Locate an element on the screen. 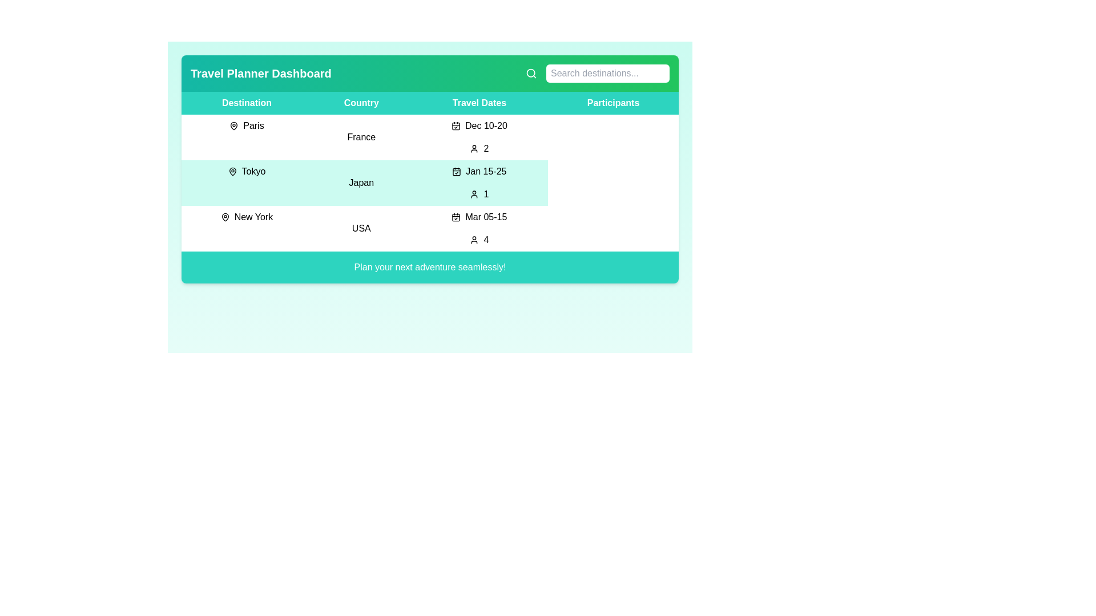  the 'Participants' text label, which is the fourth element in the header row of the table, located on the far right after the 'Travel Dates' label is located at coordinates (613, 103).